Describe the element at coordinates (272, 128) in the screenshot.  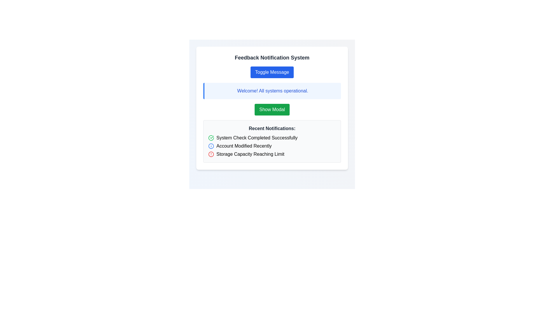
I see `the bold text label 'Recent Notifications:' which is prominently displayed in dark gray against a light background, located above a list of notification items` at that location.